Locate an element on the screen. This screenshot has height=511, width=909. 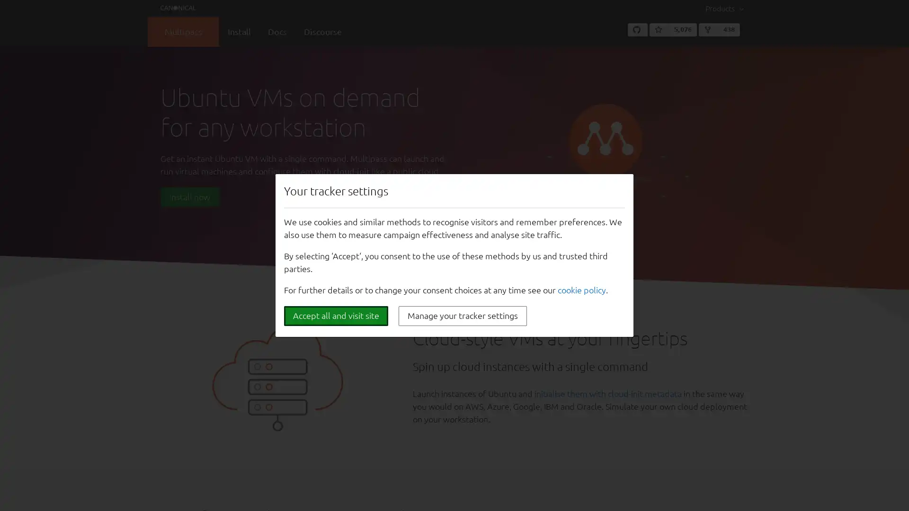
Manage your tracker settings is located at coordinates (463, 316).